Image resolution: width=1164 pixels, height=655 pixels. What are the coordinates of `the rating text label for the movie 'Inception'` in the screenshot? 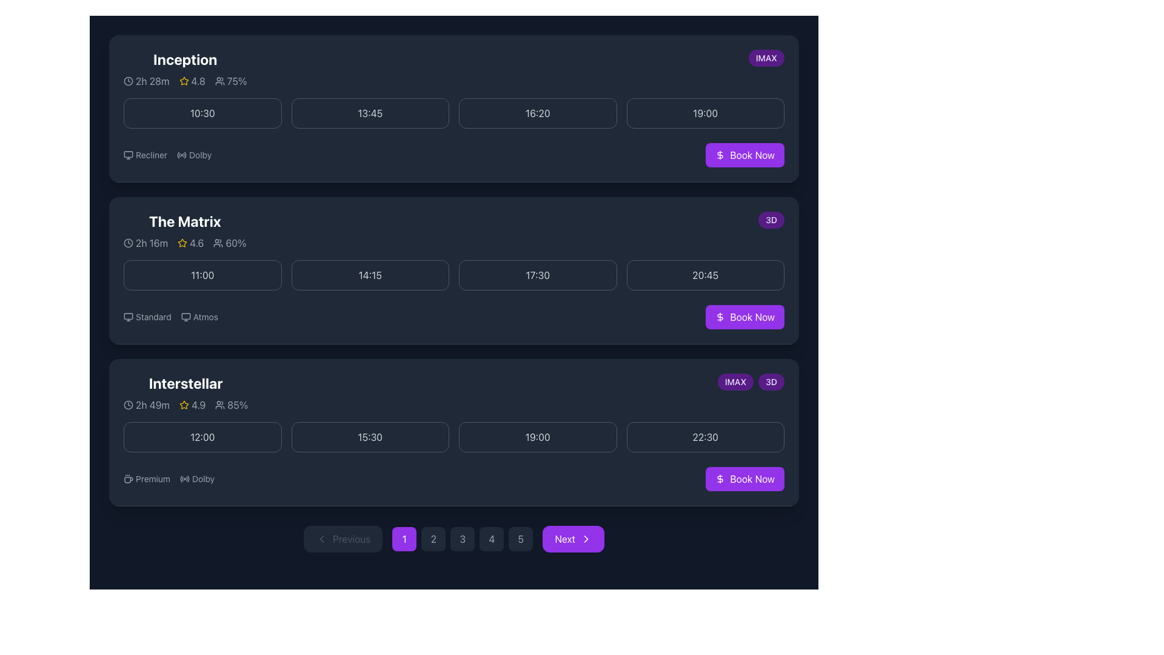 It's located at (192, 81).